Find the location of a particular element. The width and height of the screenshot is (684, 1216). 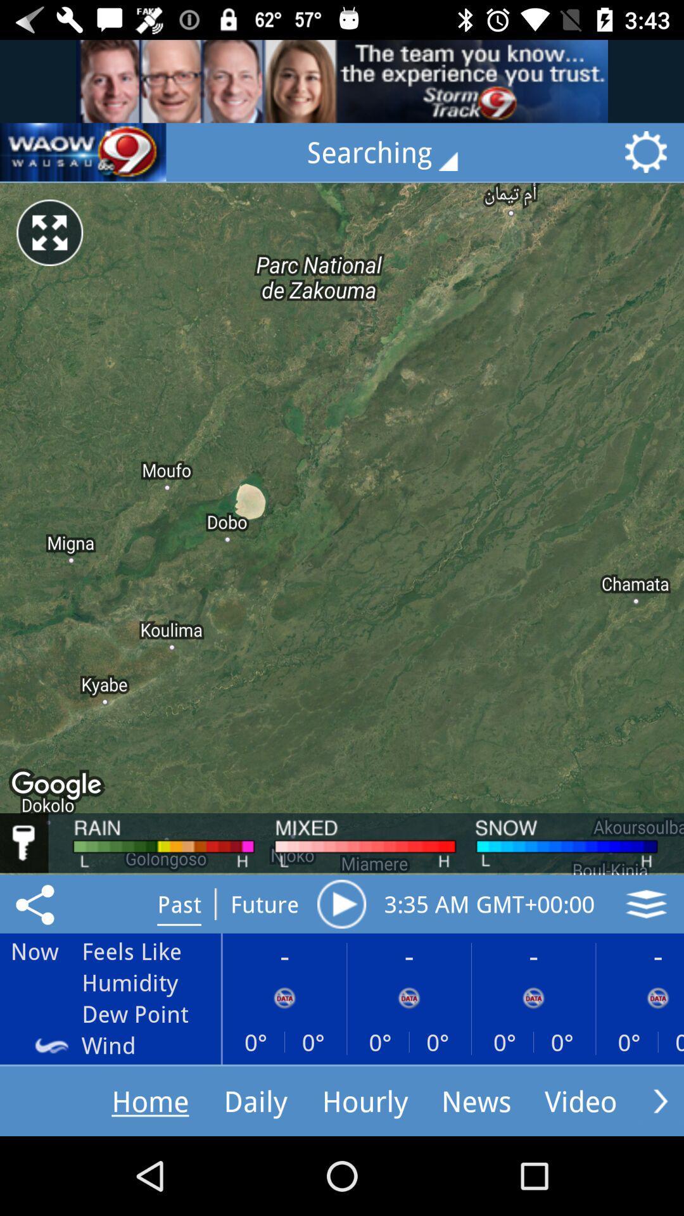

the volume icon is located at coordinates (83, 152).